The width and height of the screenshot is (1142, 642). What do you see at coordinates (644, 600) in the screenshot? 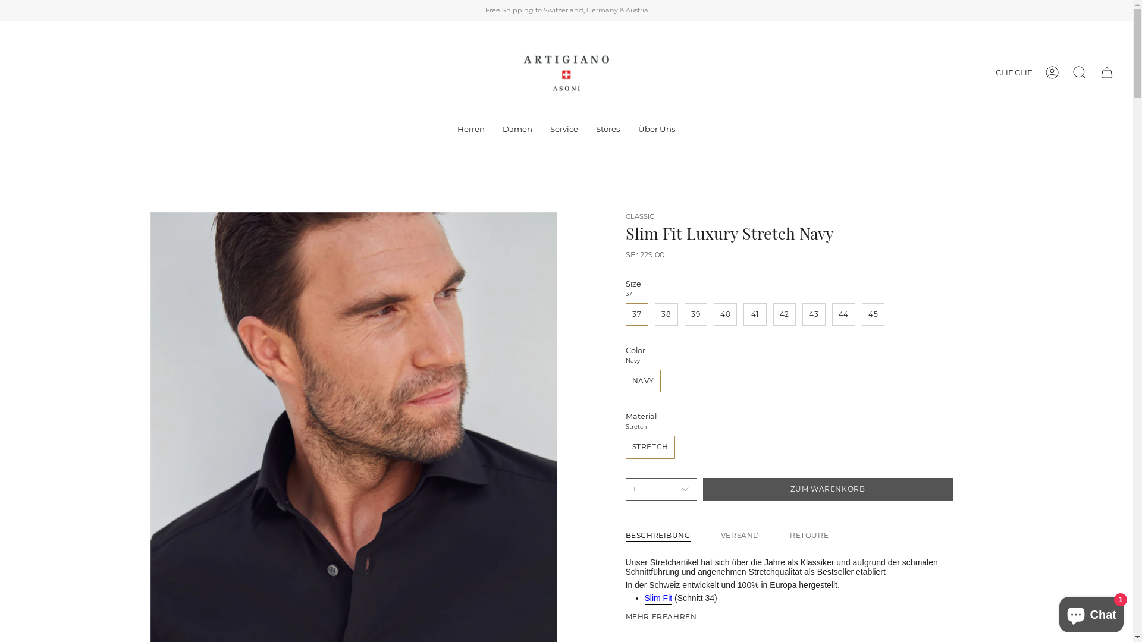
I see `'Slim Fit'` at bounding box center [644, 600].